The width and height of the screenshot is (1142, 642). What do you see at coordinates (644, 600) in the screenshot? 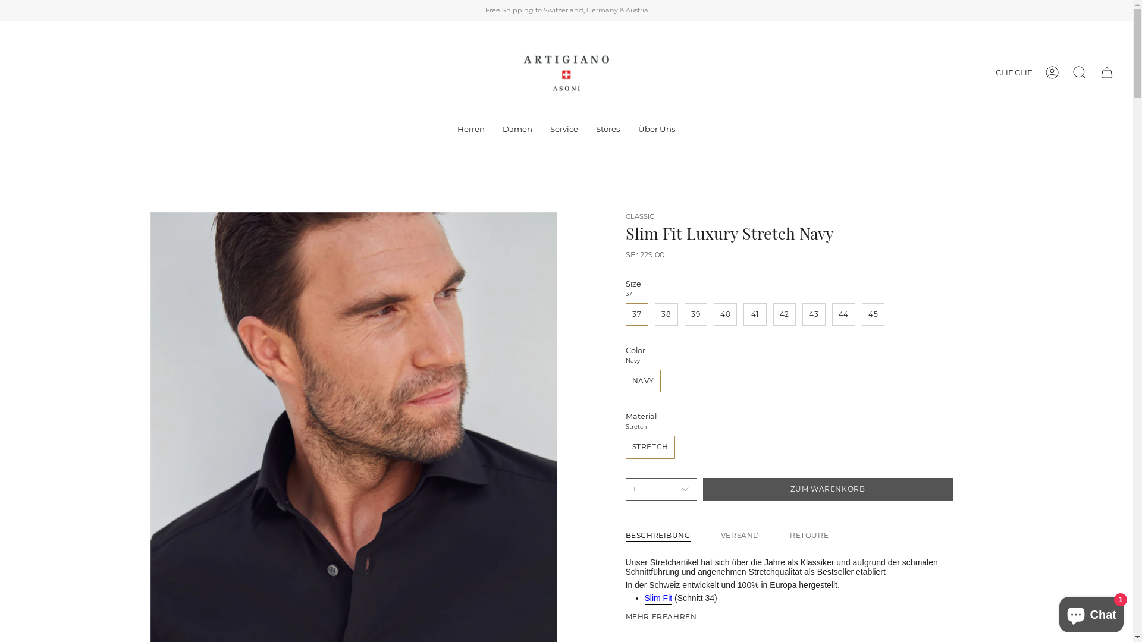
I see `'Slim Fit'` at bounding box center [644, 600].